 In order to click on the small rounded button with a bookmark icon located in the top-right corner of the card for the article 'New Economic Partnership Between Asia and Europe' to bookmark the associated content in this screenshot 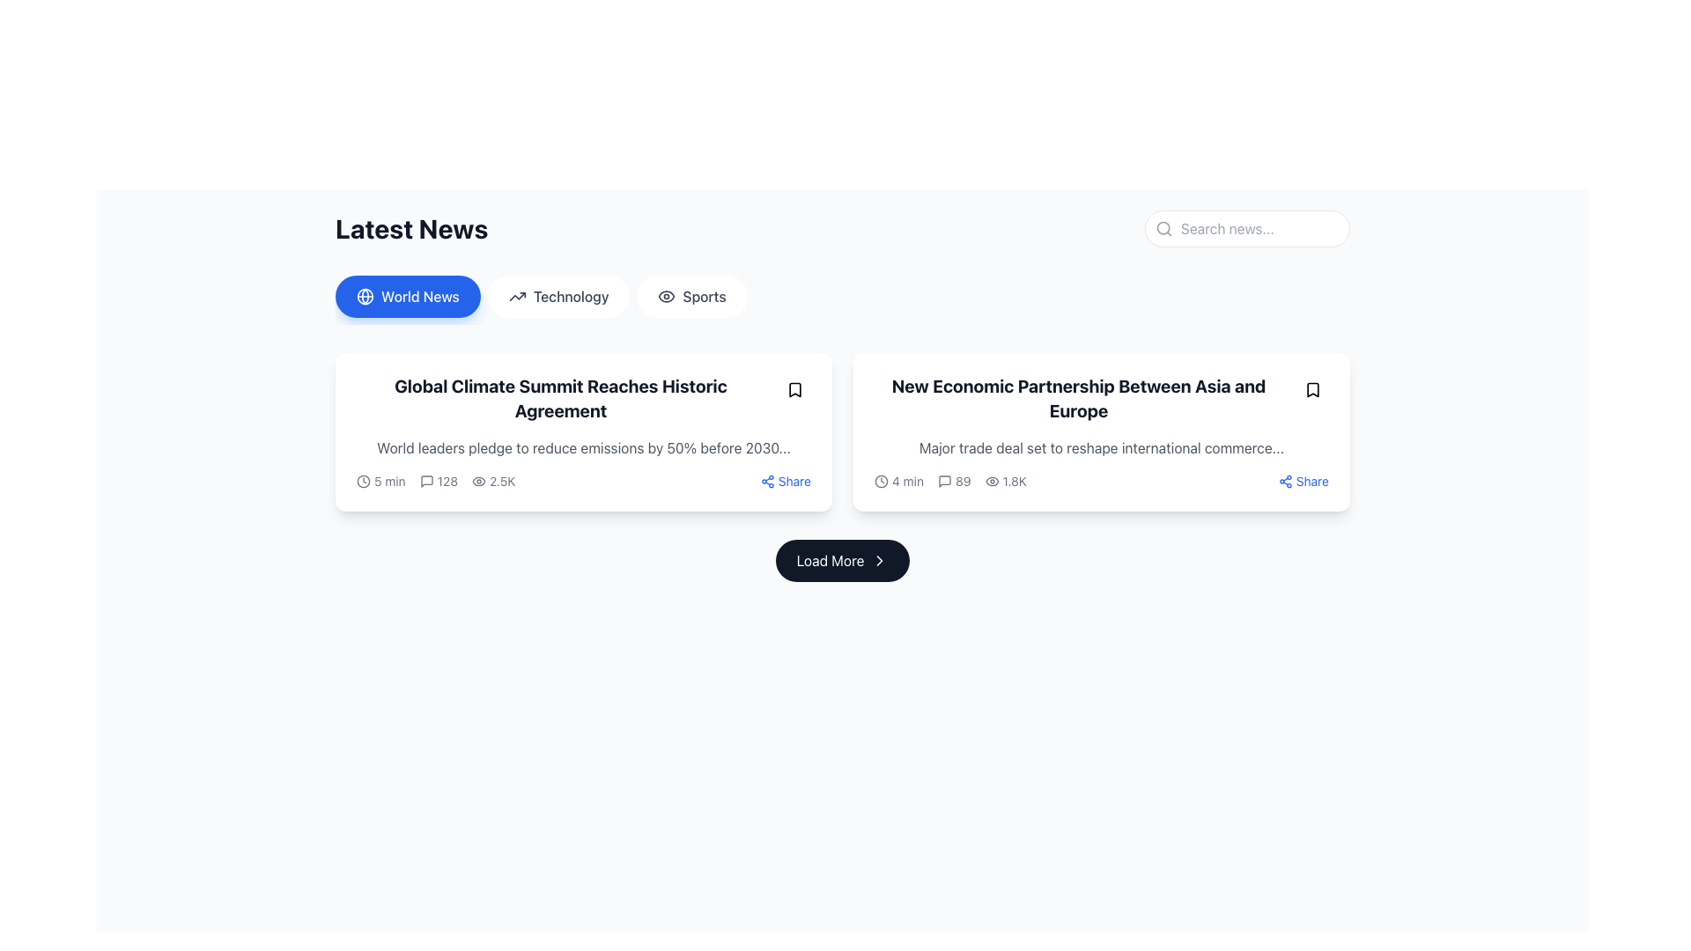, I will do `click(1313, 389)`.